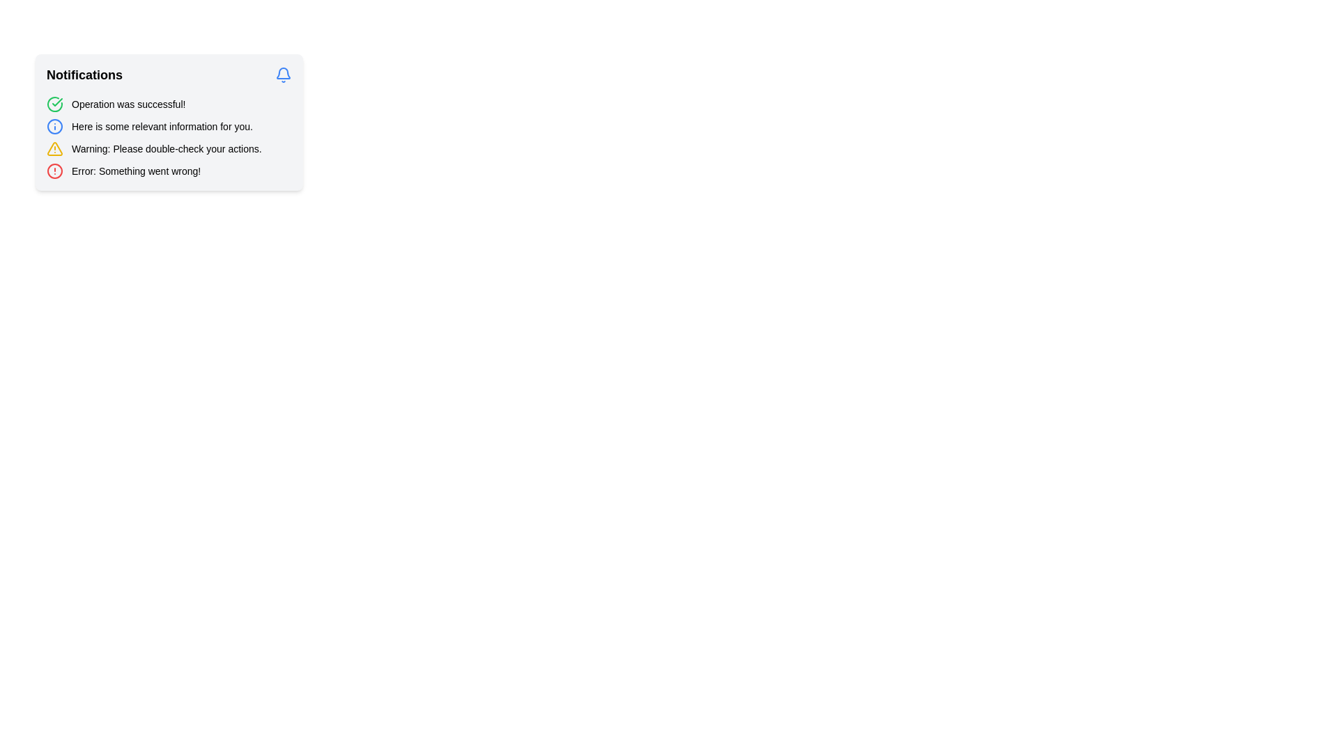 This screenshot has height=752, width=1338. What do you see at coordinates (169, 137) in the screenshot?
I see `the notification panel icons to reveal any hidden interactions, which display system or application status messages with associated icons` at bounding box center [169, 137].